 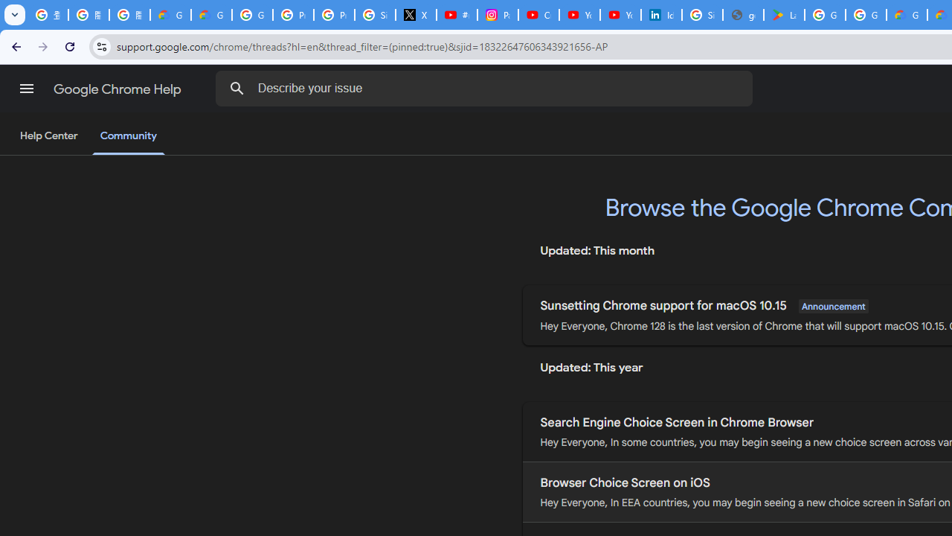 What do you see at coordinates (743, 15) in the screenshot?
I see `'google_privacy_policy_en.pdf'` at bounding box center [743, 15].